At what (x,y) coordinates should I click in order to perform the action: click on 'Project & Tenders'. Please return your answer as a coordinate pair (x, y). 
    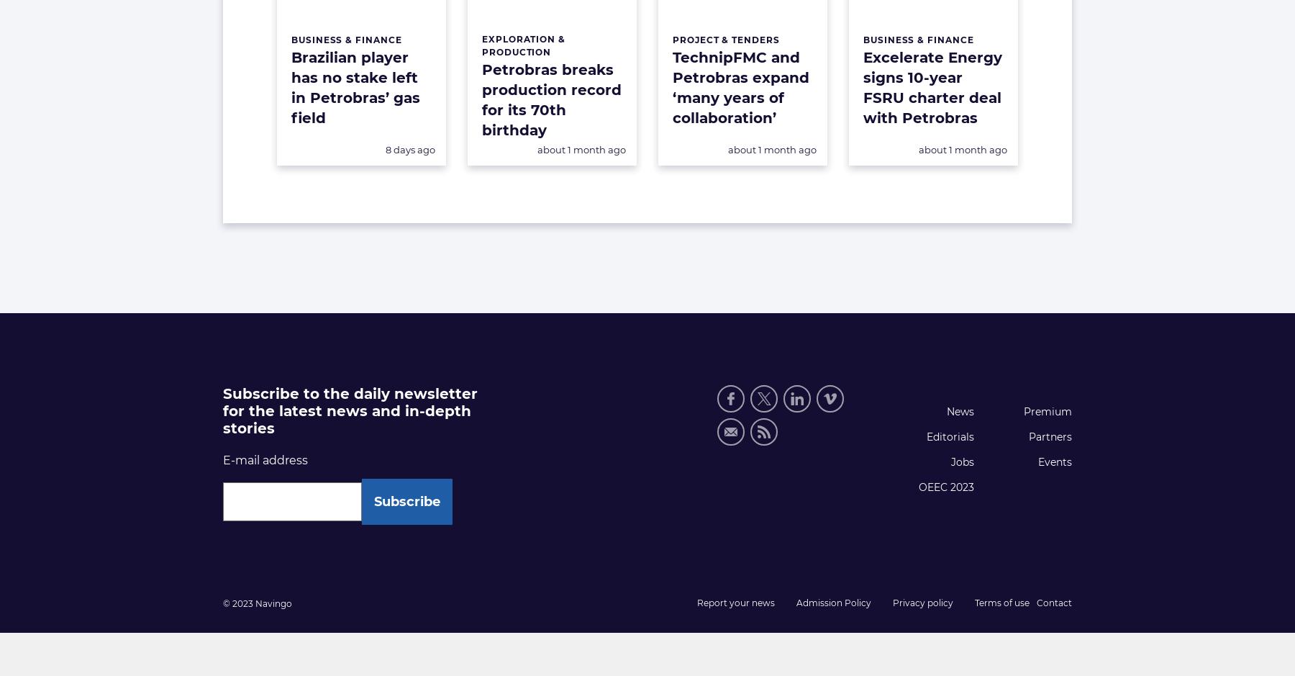
    Looking at the image, I should click on (725, 38).